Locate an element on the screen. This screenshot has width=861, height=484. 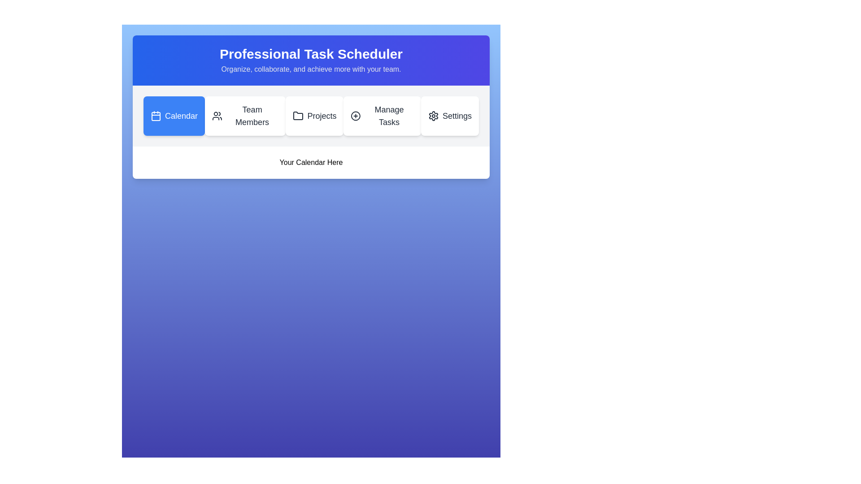
the gear-shaped icon that represents the settings option, located within the 'Settings' button at the top right of the navigation section is located at coordinates (433, 115).